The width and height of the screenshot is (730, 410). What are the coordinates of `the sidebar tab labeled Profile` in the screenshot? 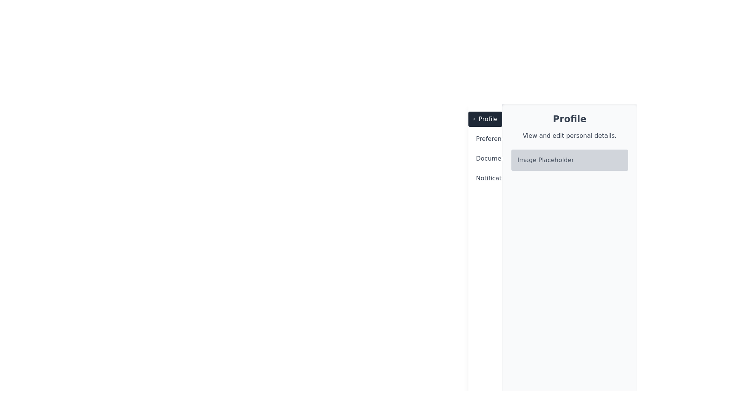 It's located at (485, 119).